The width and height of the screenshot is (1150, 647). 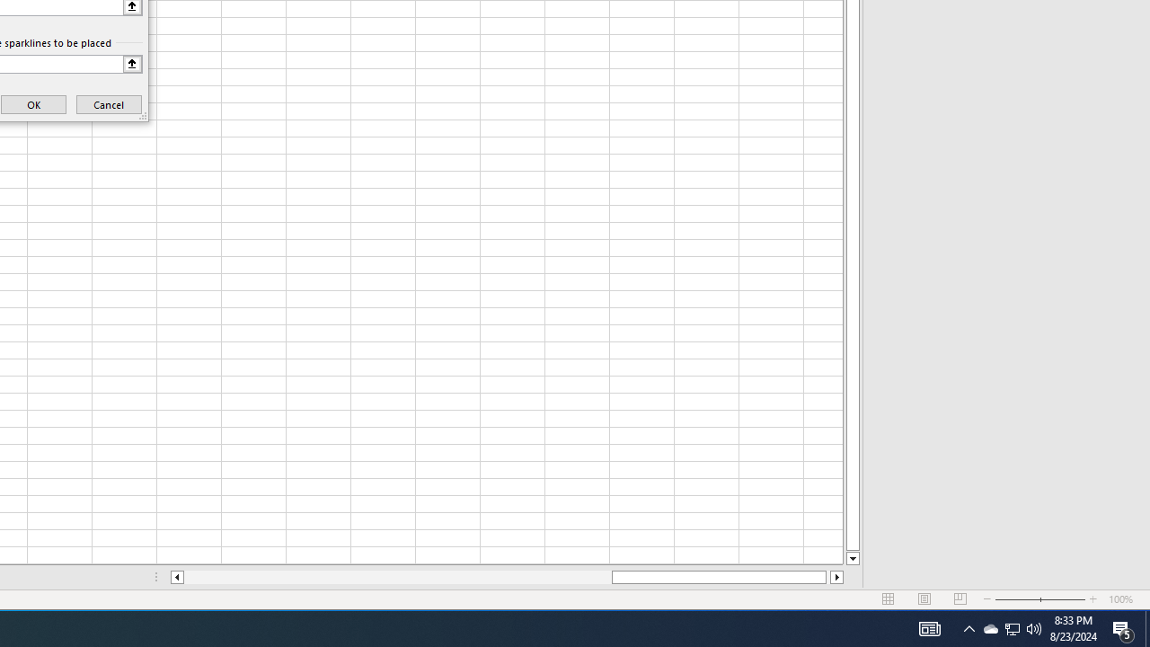 I want to click on 'Line down', so click(x=852, y=558).